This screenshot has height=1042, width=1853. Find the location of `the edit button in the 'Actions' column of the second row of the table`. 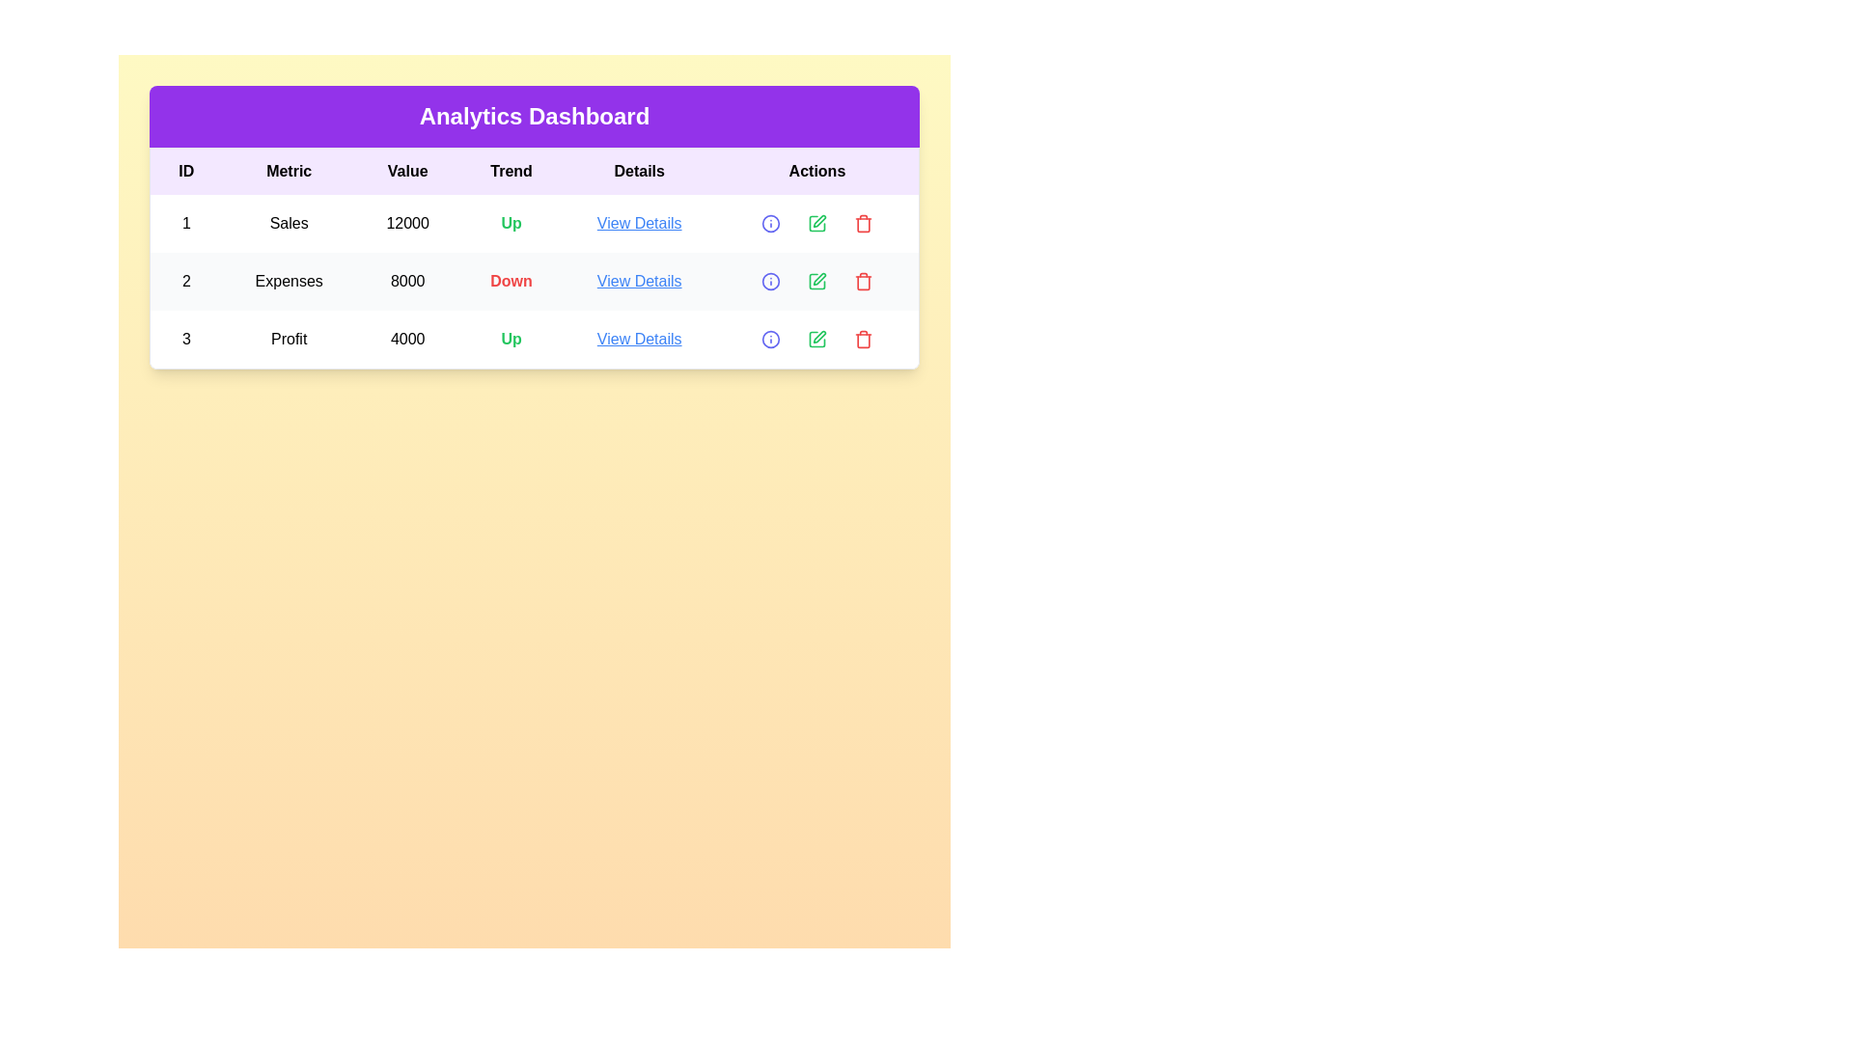

the edit button in the 'Actions' column of the second row of the table is located at coordinates (819, 279).